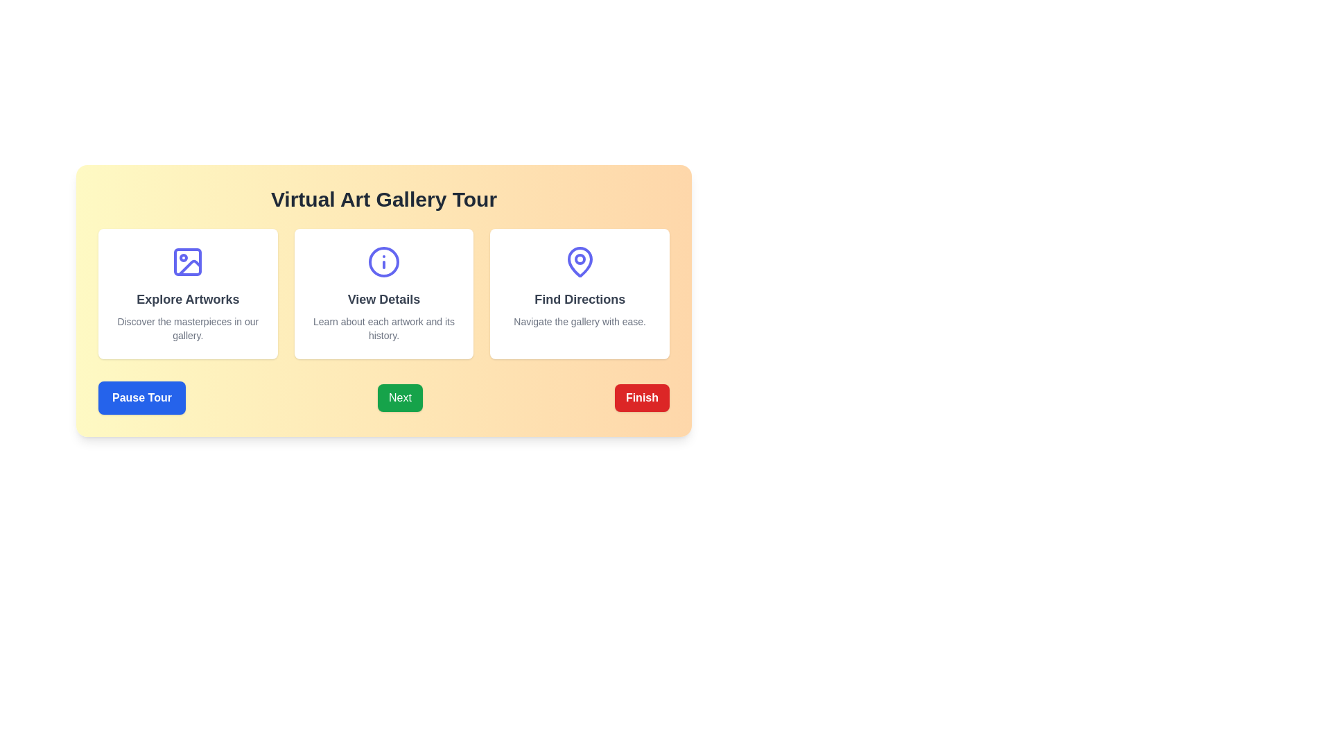 The width and height of the screenshot is (1331, 749). Describe the element at coordinates (383, 262) in the screenshot. I see `the Information Icon, which is a circular shape with an inner 'i' character, located in the second card under the 'View Details' heading in the Virtual Art Gallery Tour interface` at that location.